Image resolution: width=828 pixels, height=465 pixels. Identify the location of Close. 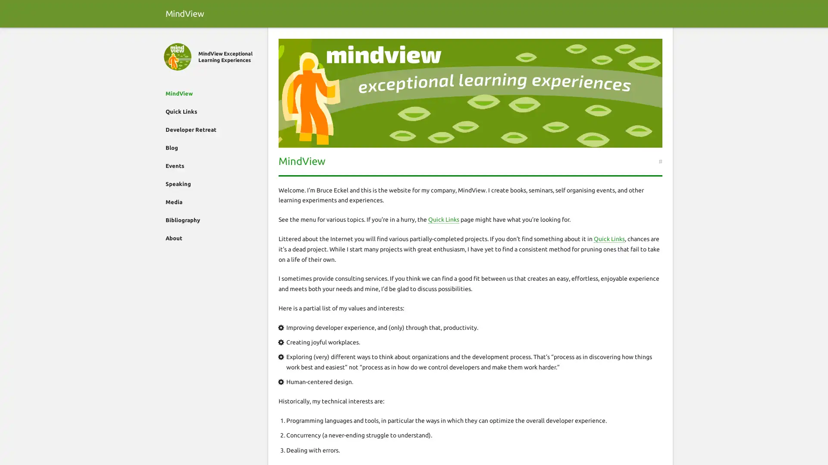
(169, 37).